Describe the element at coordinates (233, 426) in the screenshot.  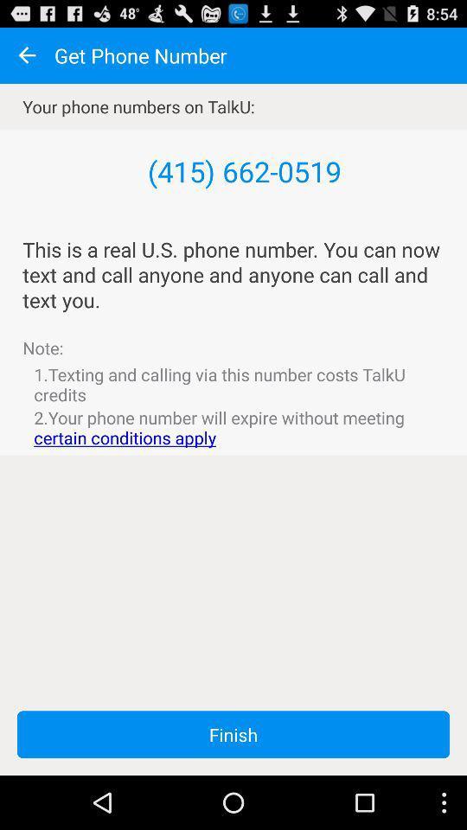
I see `item below 1 texting and icon` at that location.